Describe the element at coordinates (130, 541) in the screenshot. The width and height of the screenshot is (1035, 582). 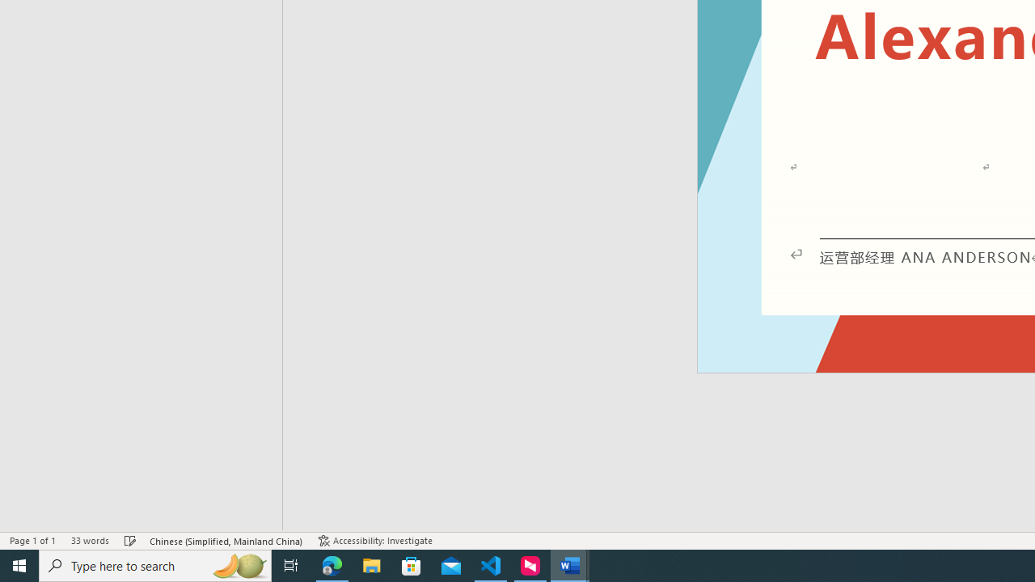
I see `'Spelling and Grammar Check Checking'` at that location.